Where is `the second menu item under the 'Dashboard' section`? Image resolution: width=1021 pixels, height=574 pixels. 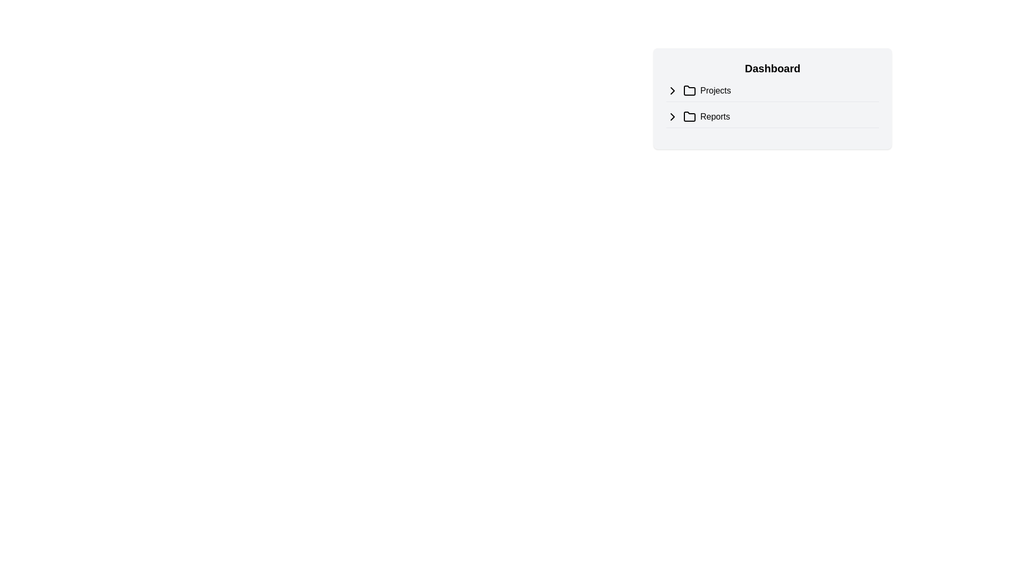 the second menu item under the 'Dashboard' section is located at coordinates (773, 119).